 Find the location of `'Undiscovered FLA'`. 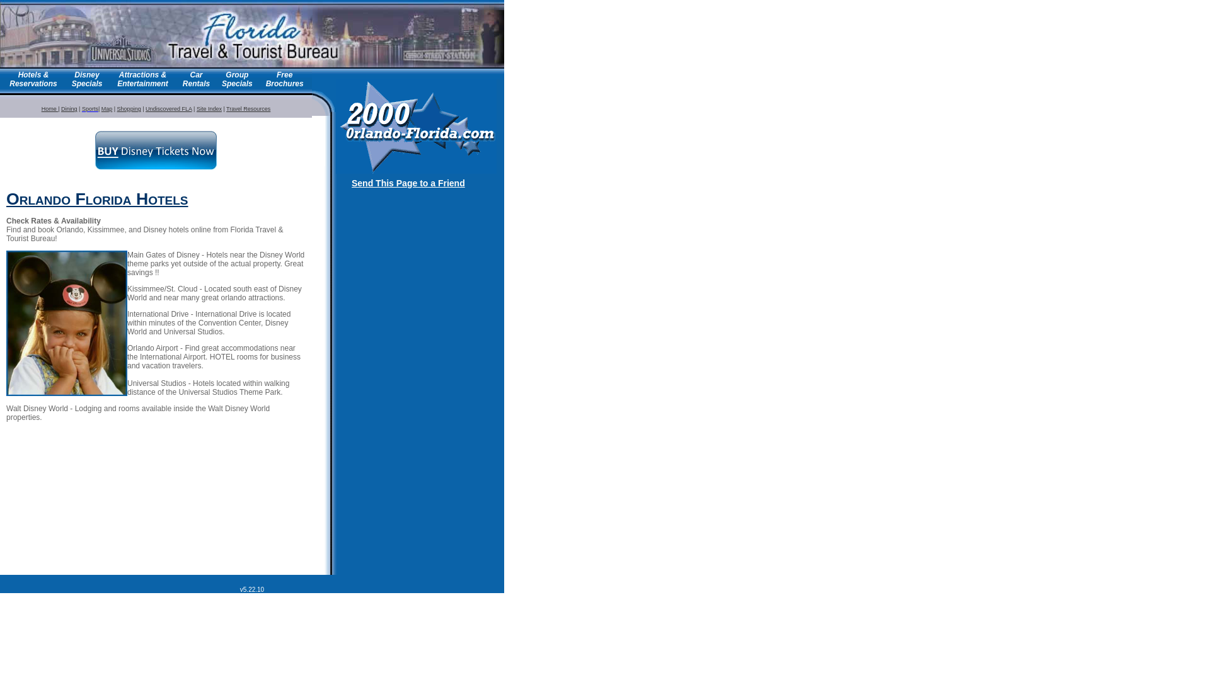

'Undiscovered FLA' is located at coordinates (168, 108).